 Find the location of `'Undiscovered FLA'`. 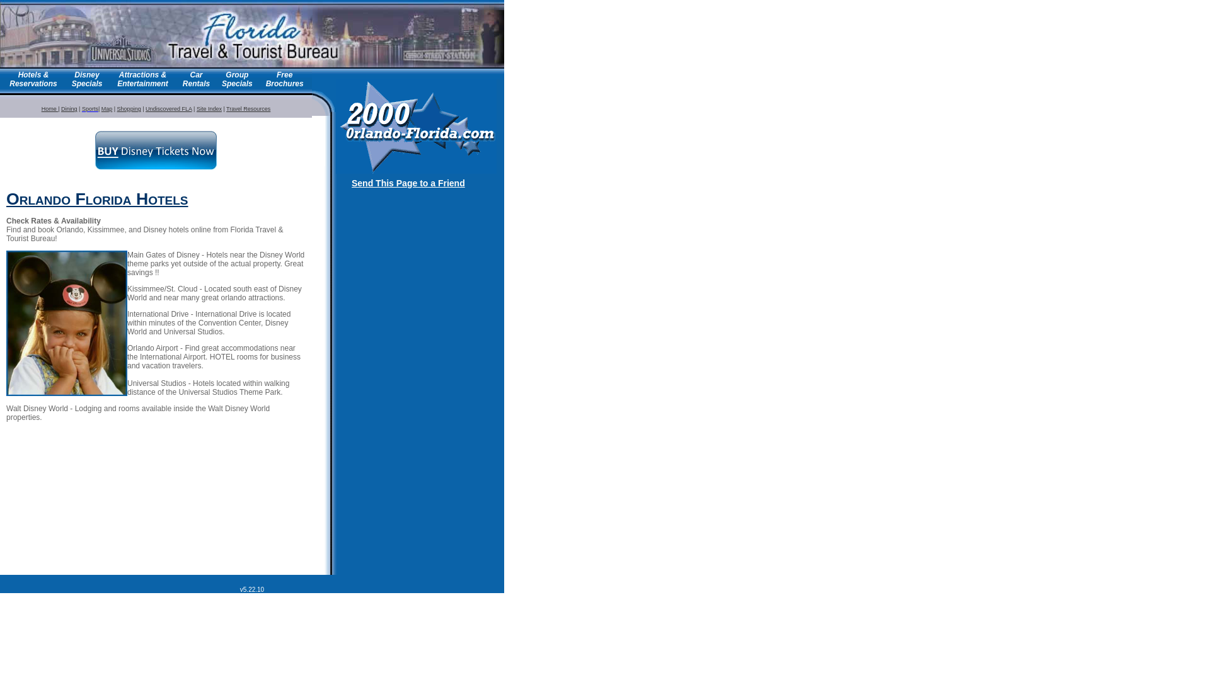

'Undiscovered FLA' is located at coordinates (168, 108).